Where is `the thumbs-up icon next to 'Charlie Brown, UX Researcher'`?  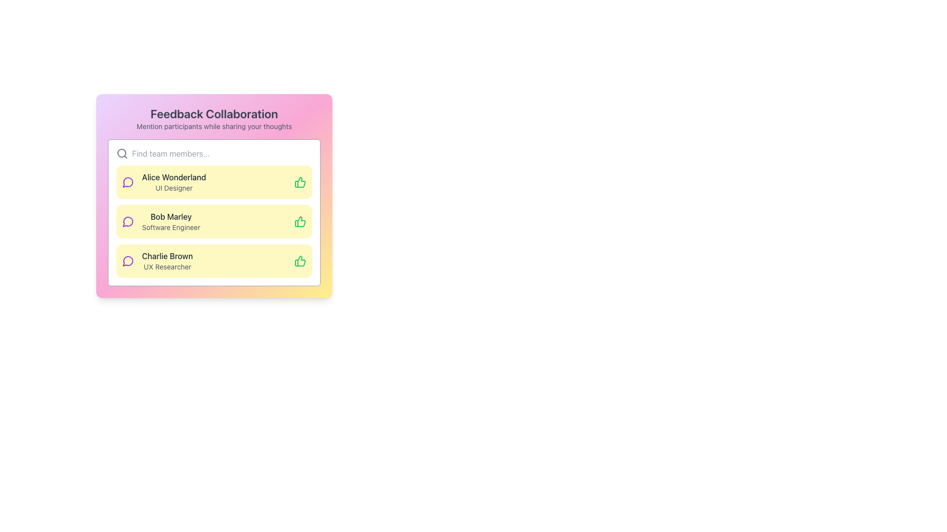 the thumbs-up icon next to 'Charlie Brown, UX Researcher' is located at coordinates (299, 222).